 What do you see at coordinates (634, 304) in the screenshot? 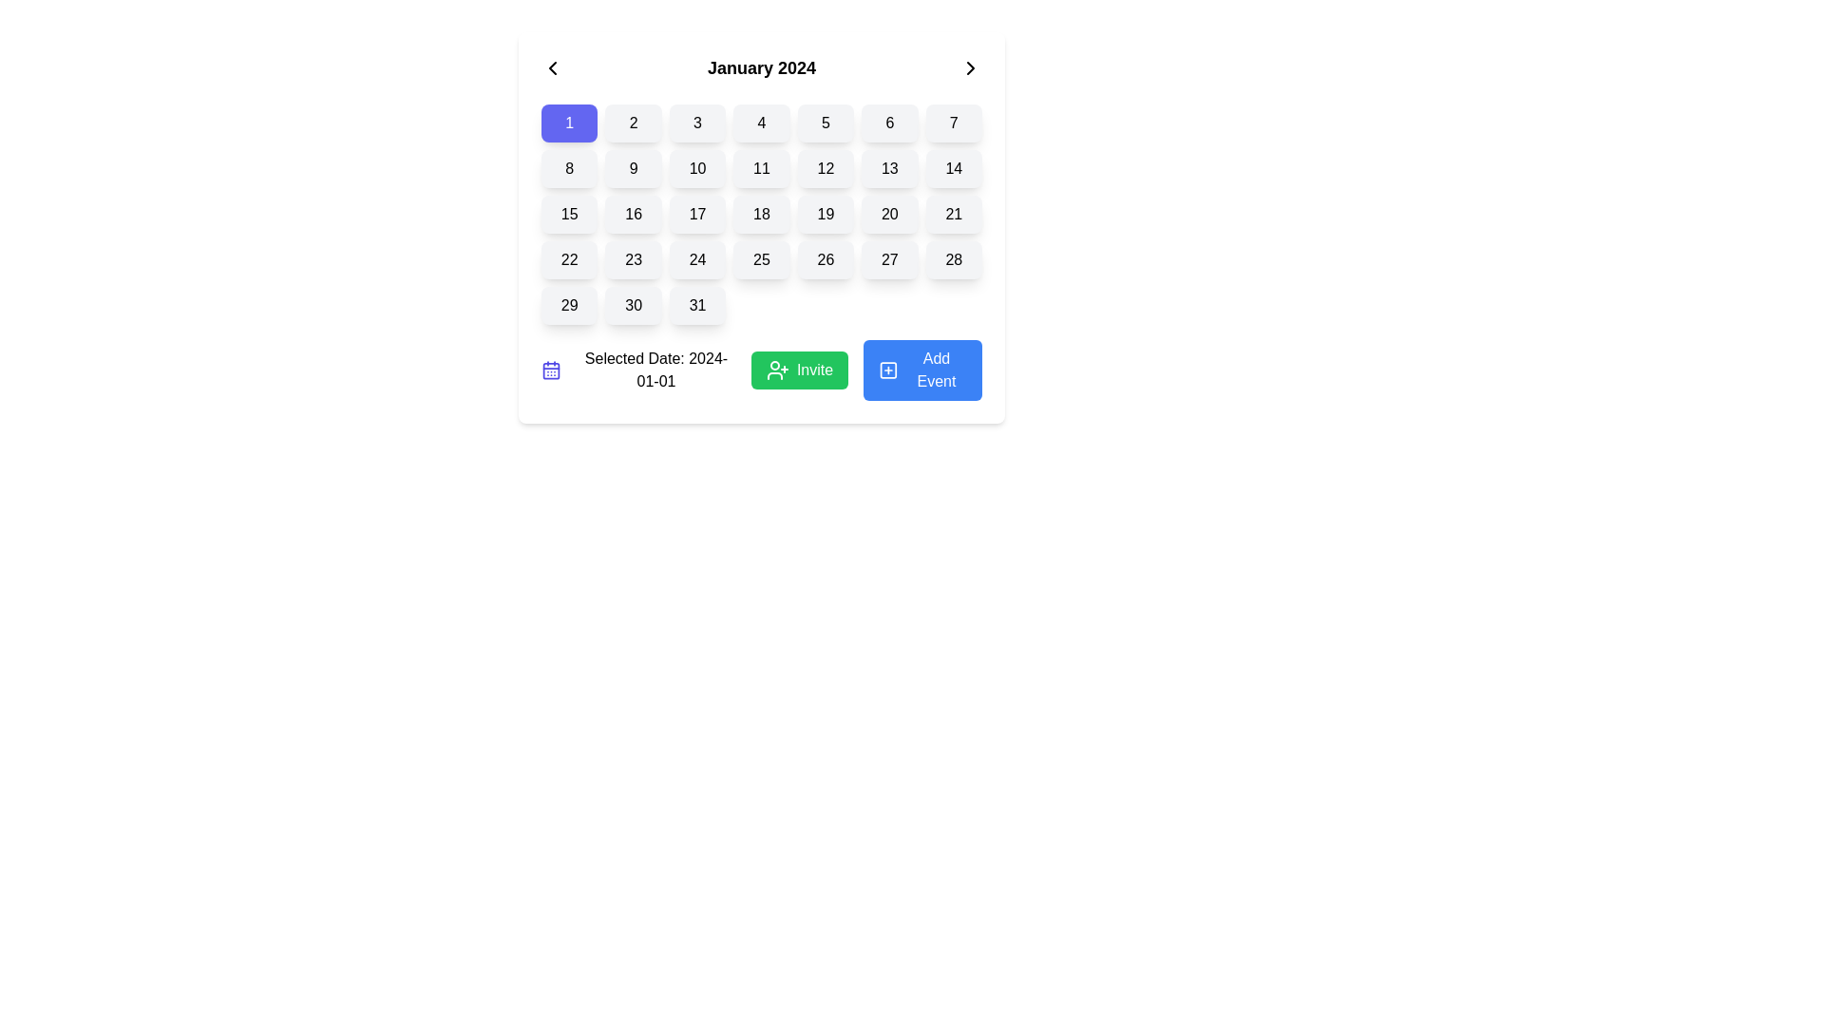
I see `the button-like clickable calendar date representing the 30th day of the month, located in the last row and second column of the calendar grid` at bounding box center [634, 304].